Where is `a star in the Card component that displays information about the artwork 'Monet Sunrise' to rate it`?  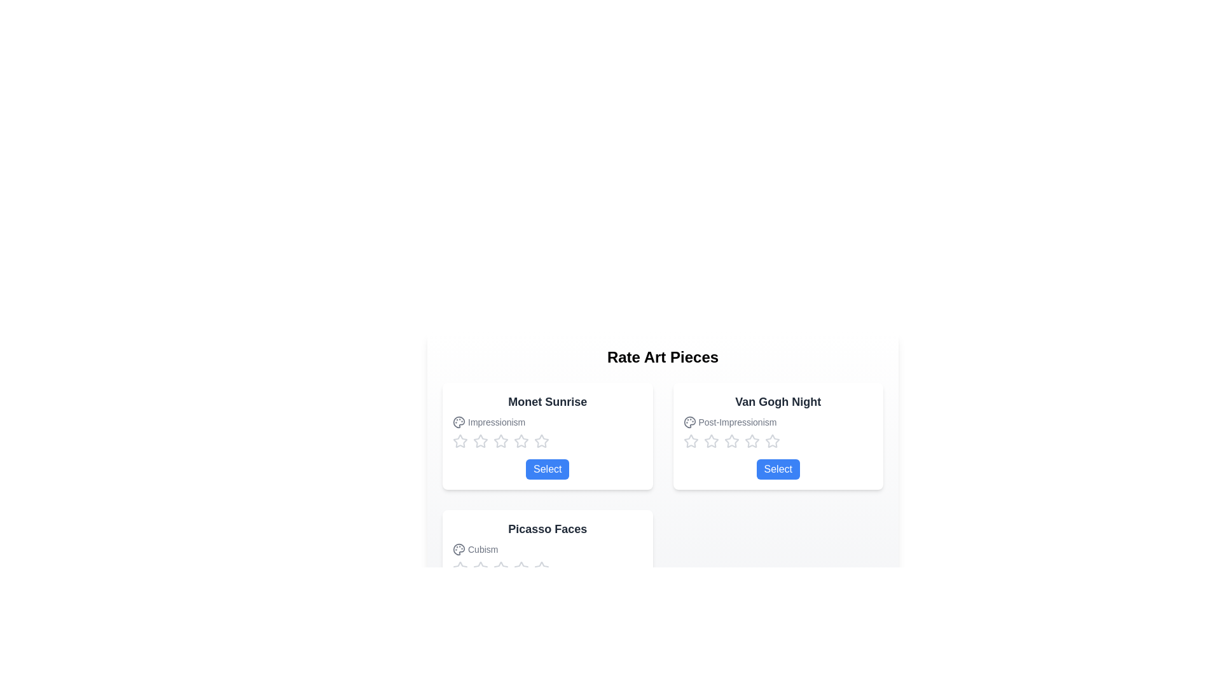
a star in the Card component that displays information about the artwork 'Monet Sunrise' to rate it is located at coordinates (548, 436).